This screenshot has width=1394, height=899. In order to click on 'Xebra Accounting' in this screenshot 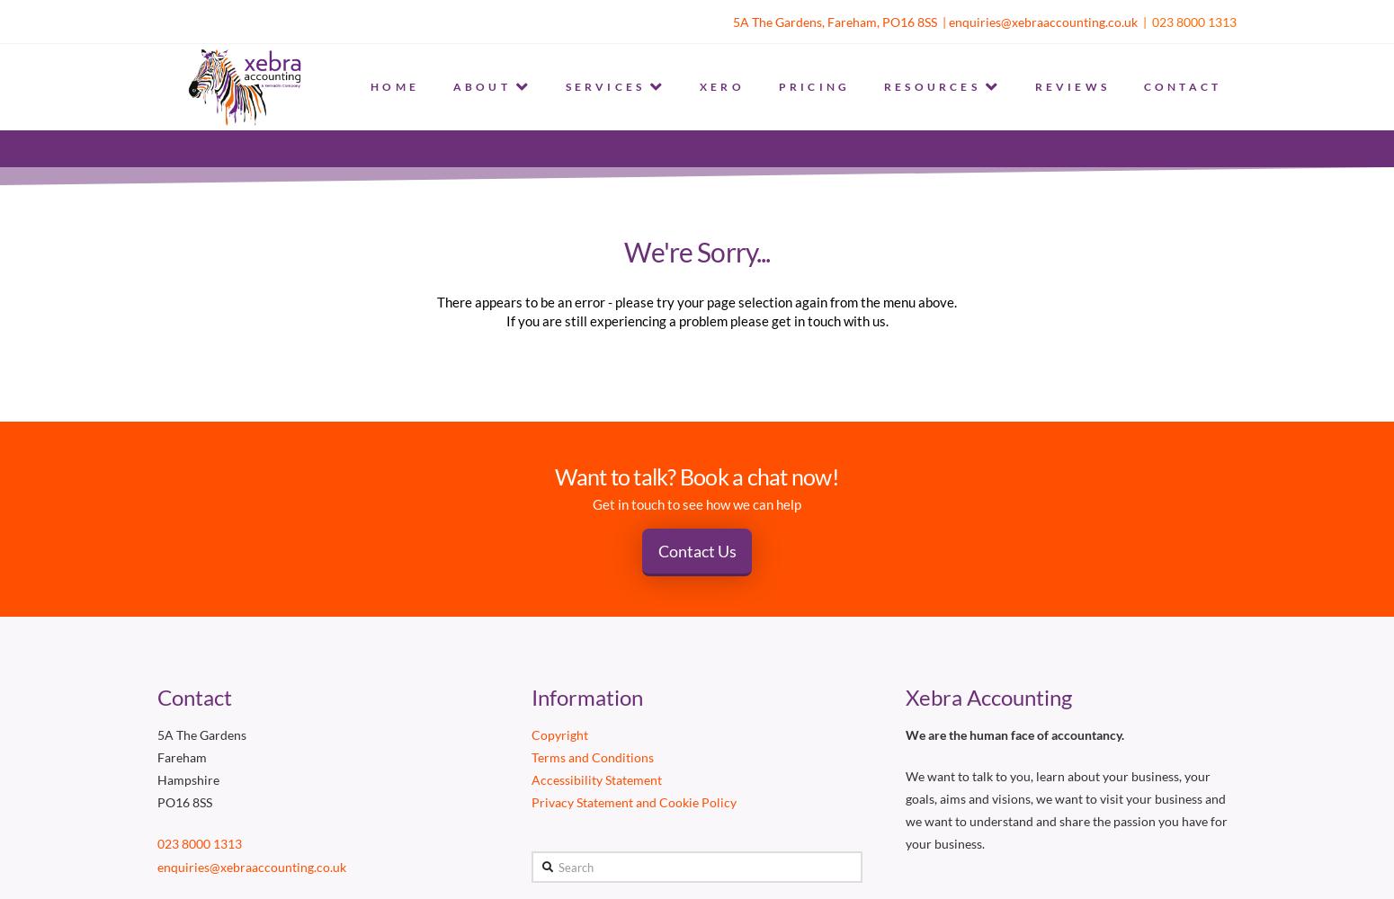, I will do `click(903, 698)`.